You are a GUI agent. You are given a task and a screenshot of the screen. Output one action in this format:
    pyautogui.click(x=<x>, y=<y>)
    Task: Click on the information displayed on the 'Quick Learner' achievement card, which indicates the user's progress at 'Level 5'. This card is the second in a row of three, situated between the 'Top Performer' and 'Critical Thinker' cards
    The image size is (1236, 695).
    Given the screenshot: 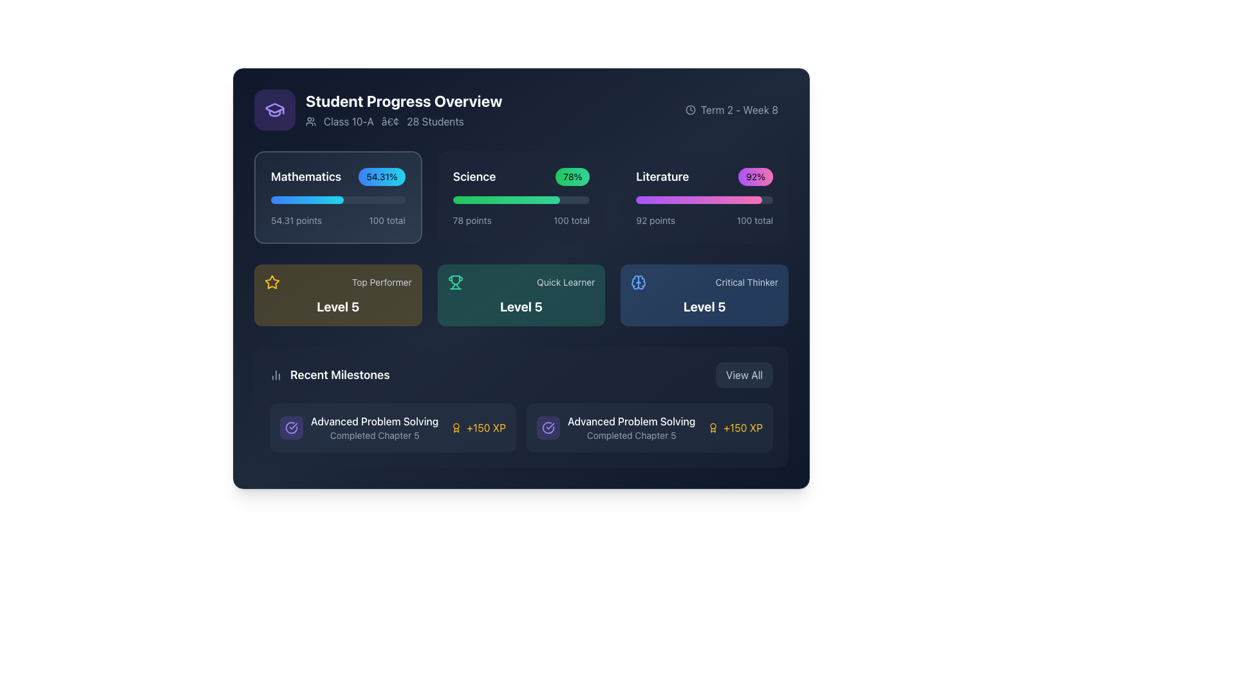 What is the action you would take?
    pyautogui.click(x=521, y=295)
    